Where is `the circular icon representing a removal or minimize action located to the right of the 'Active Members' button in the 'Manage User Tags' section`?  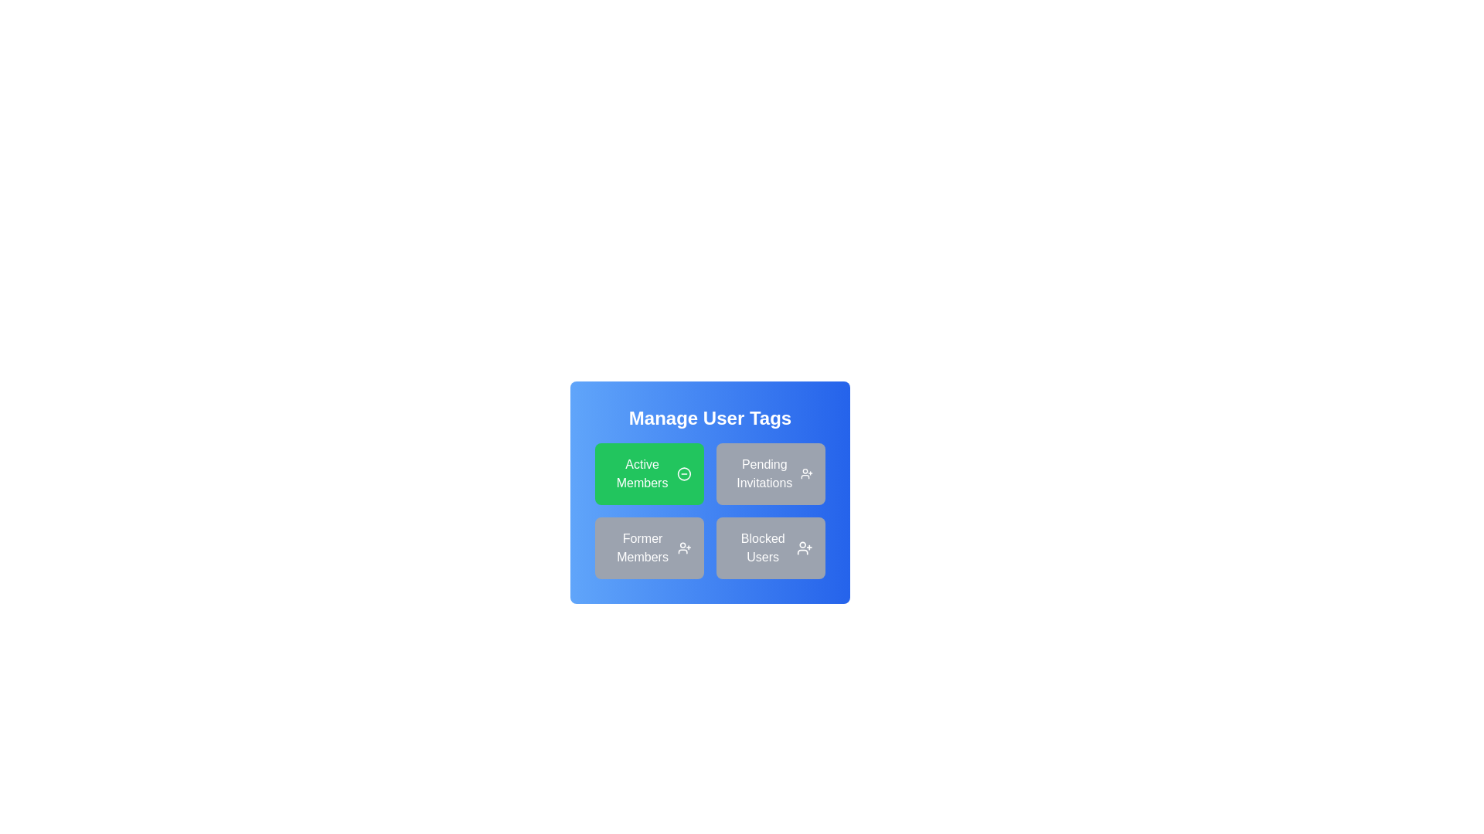 the circular icon representing a removal or minimize action located to the right of the 'Active Members' button in the 'Manage User Tags' section is located at coordinates (683, 473).